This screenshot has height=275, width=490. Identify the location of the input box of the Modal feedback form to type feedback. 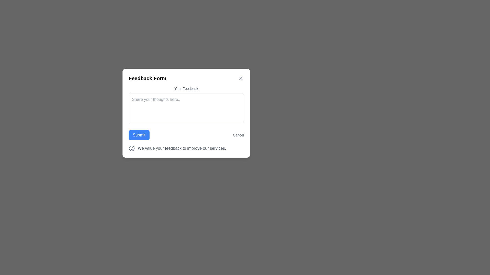
(186, 113).